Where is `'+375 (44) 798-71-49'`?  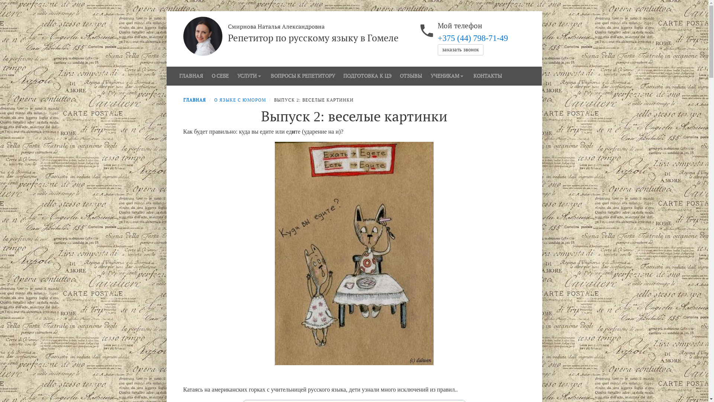
'+375 (44) 798-71-49' is located at coordinates (472, 38).